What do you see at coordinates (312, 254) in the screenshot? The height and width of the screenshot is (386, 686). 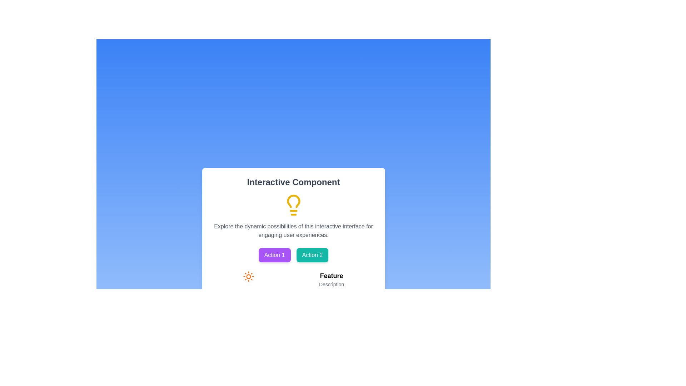 I see `the button labeled 'Action 2', which has a teal background and white bold text, located in the lower middle section of the interface` at bounding box center [312, 254].